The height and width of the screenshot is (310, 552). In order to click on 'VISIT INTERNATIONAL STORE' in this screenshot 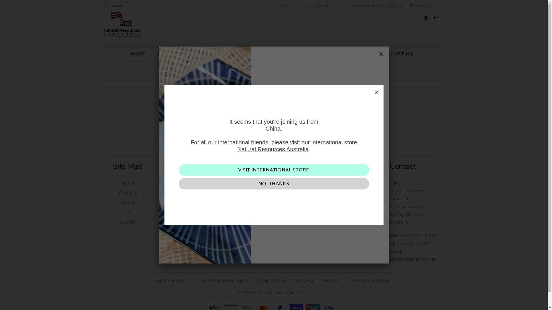, I will do `click(274, 169)`.